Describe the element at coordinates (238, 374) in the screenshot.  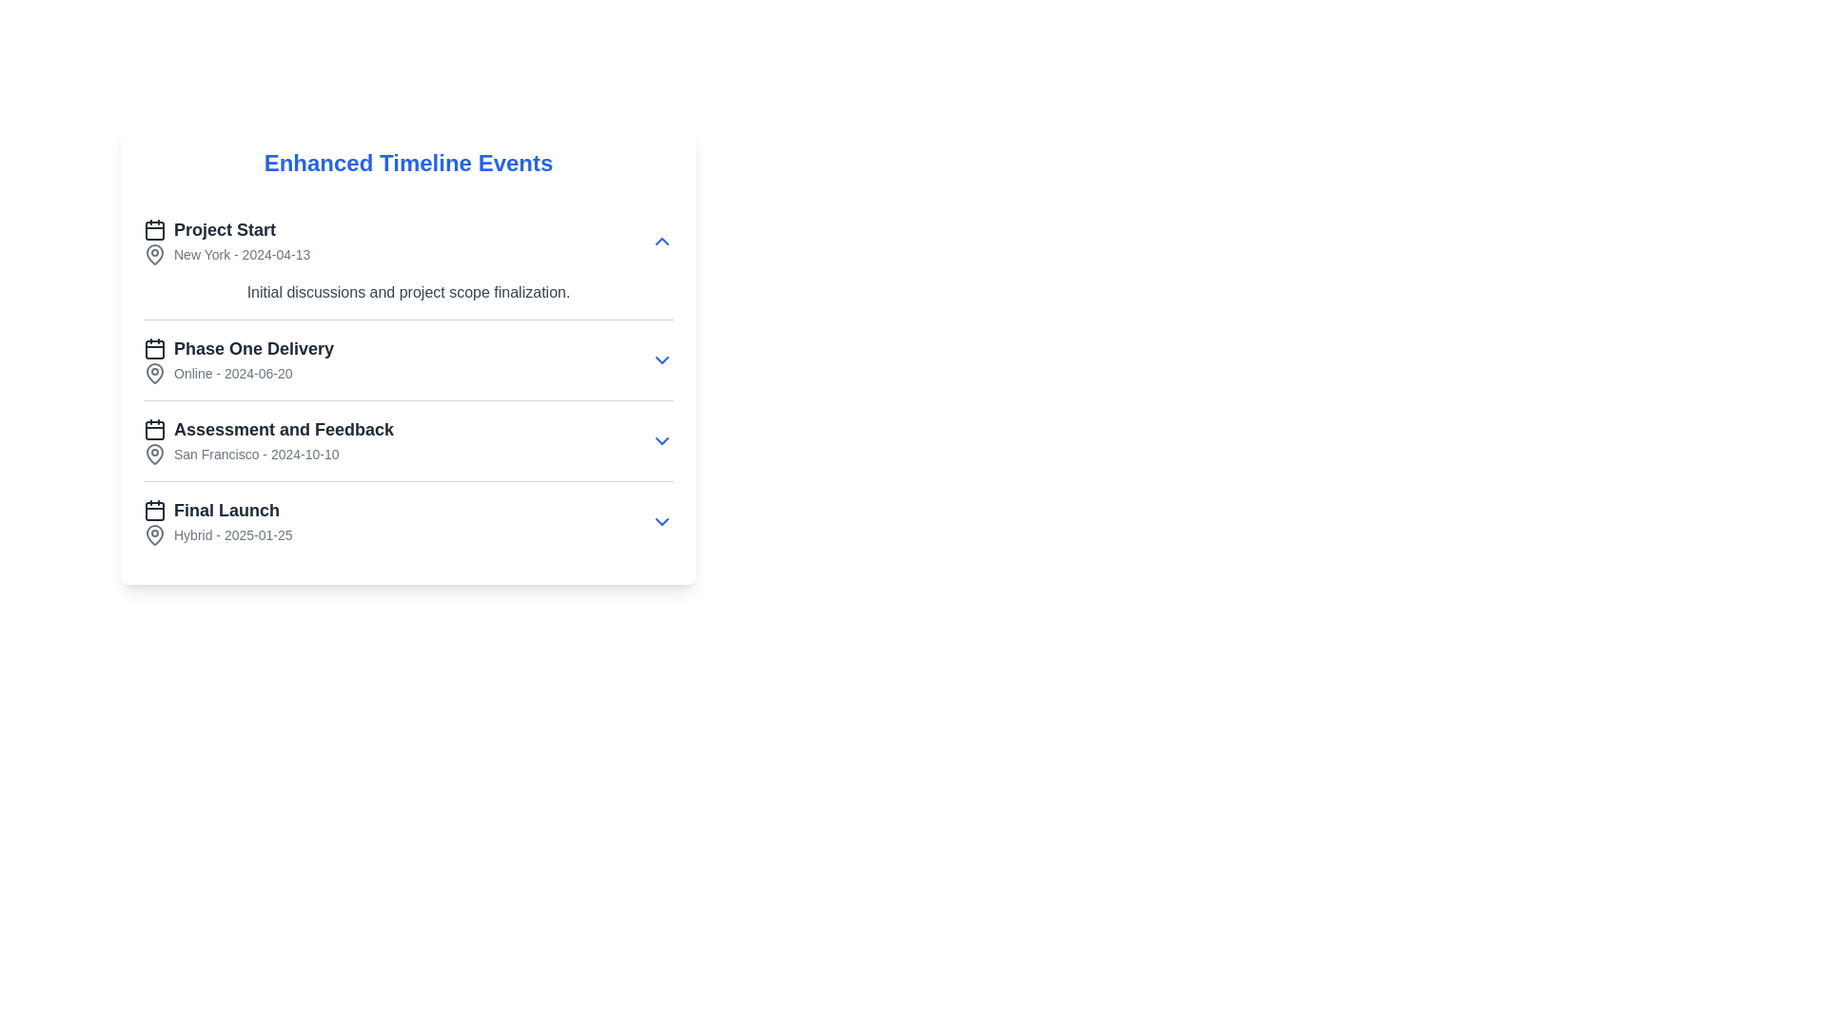
I see `the static text element that provides location and date information for the event scheduled on June 20, 2024, located in the 'Phase One Delivery' section below its heading` at that location.